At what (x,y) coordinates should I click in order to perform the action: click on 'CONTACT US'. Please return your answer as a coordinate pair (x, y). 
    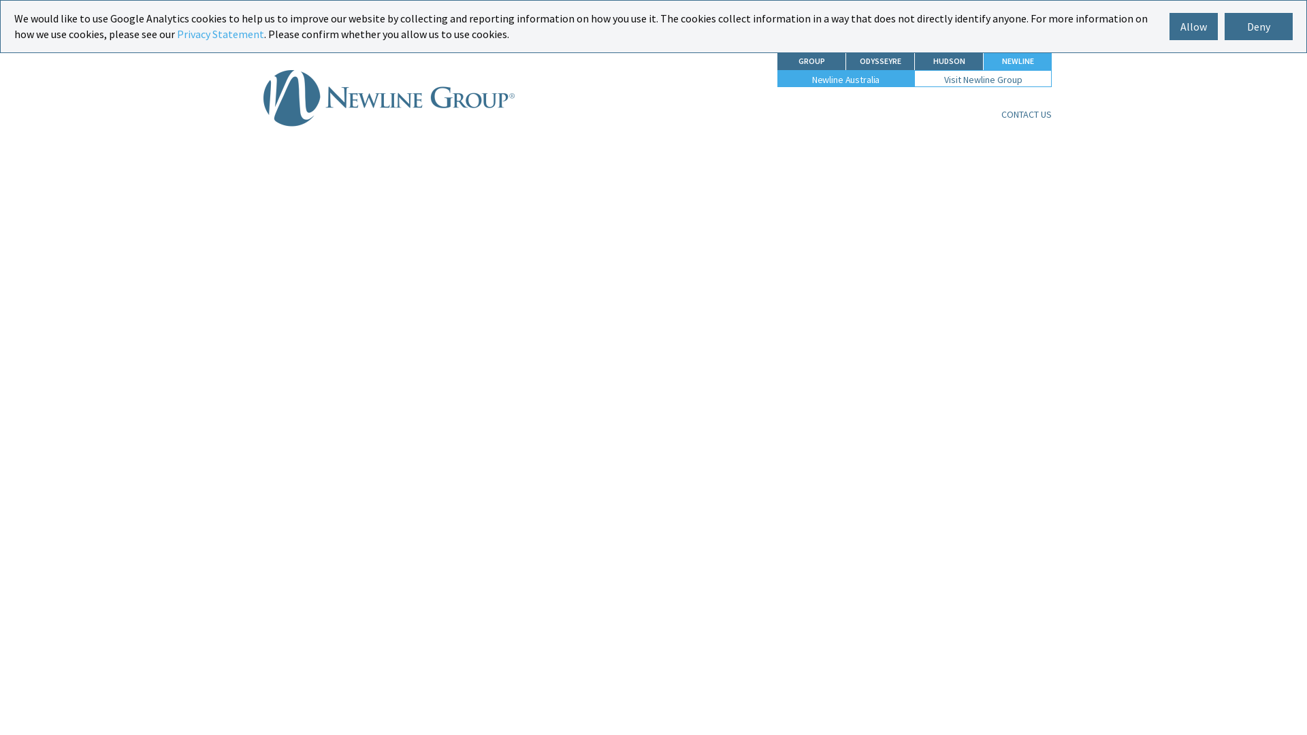
    Looking at the image, I should click on (1026, 114).